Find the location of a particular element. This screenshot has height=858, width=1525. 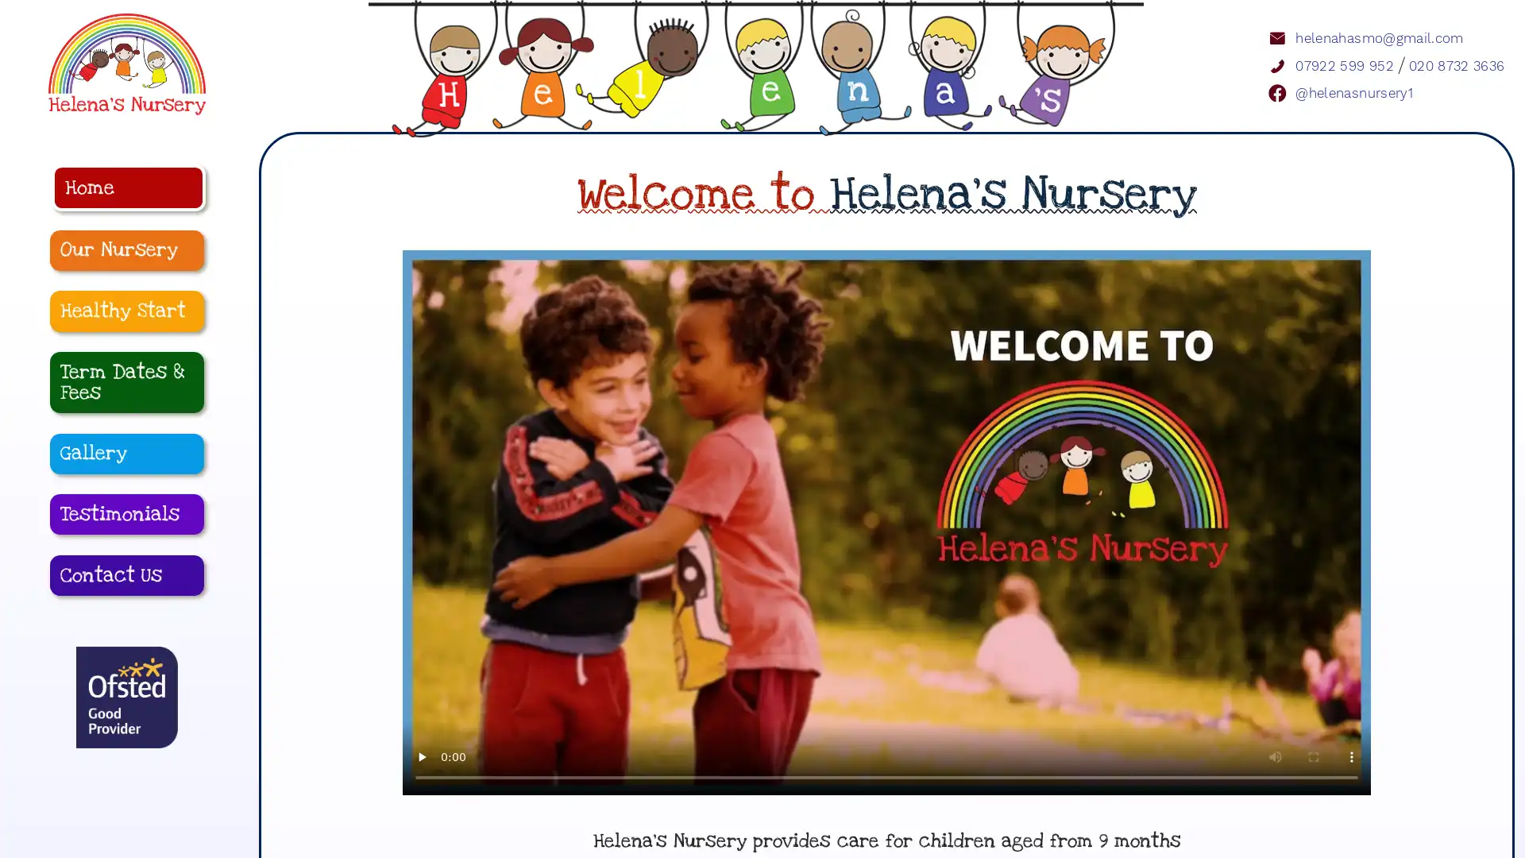

show more media controls is located at coordinates (1351, 783).